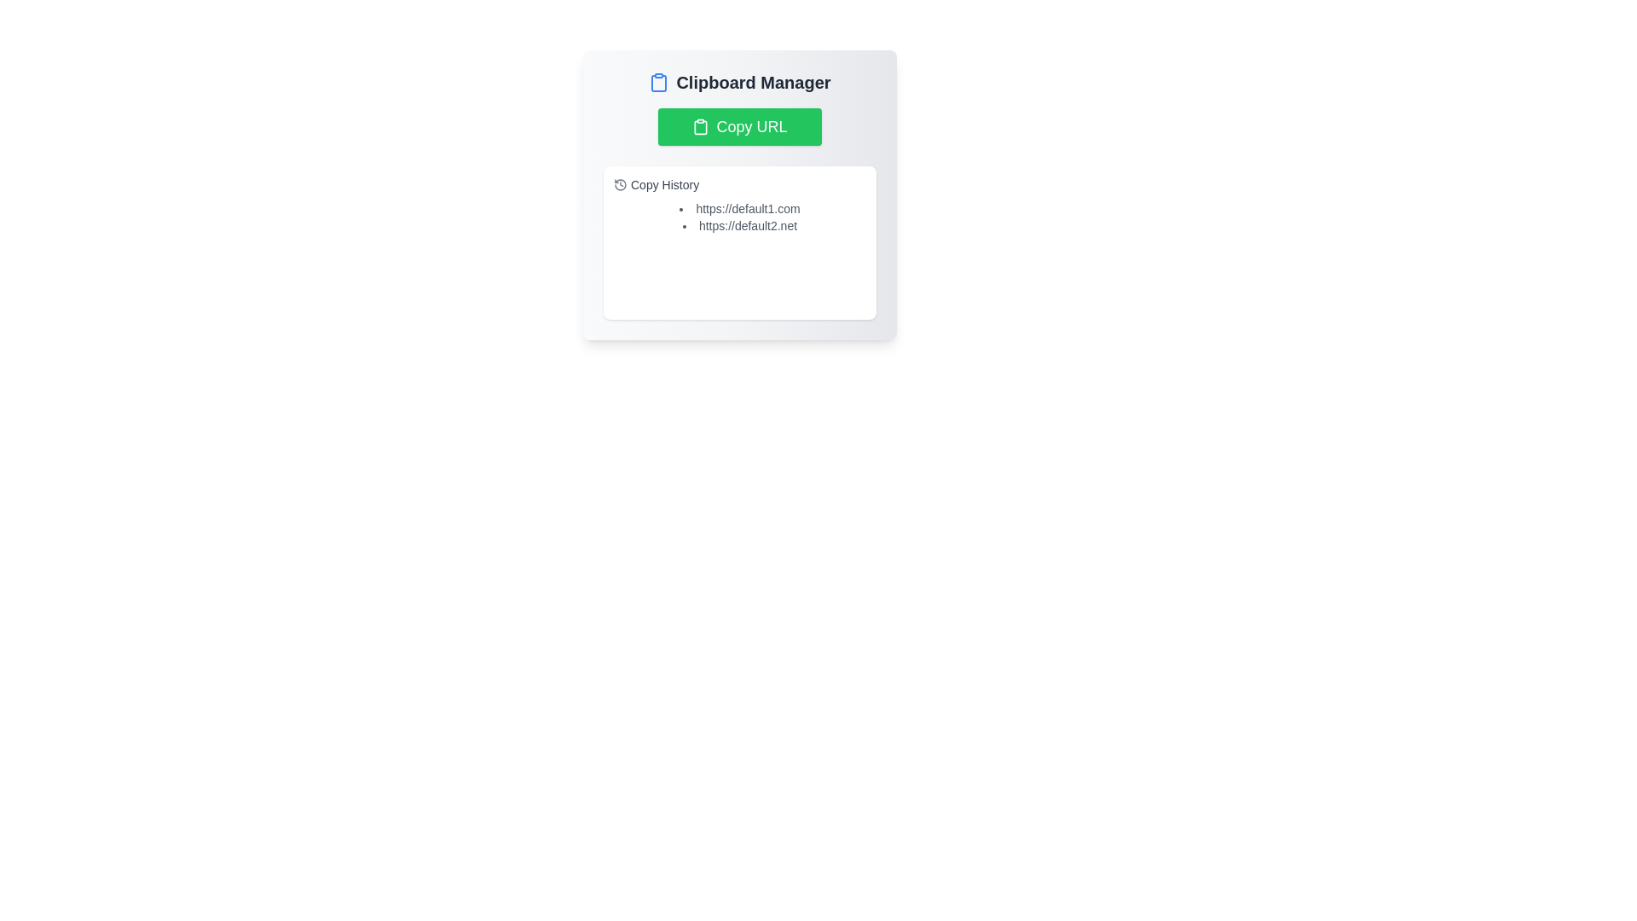 Image resolution: width=1637 pixels, height=921 pixels. What do you see at coordinates (740, 208) in the screenshot?
I see `the text link that reads 'https://default1.com'` at bounding box center [740, 208].